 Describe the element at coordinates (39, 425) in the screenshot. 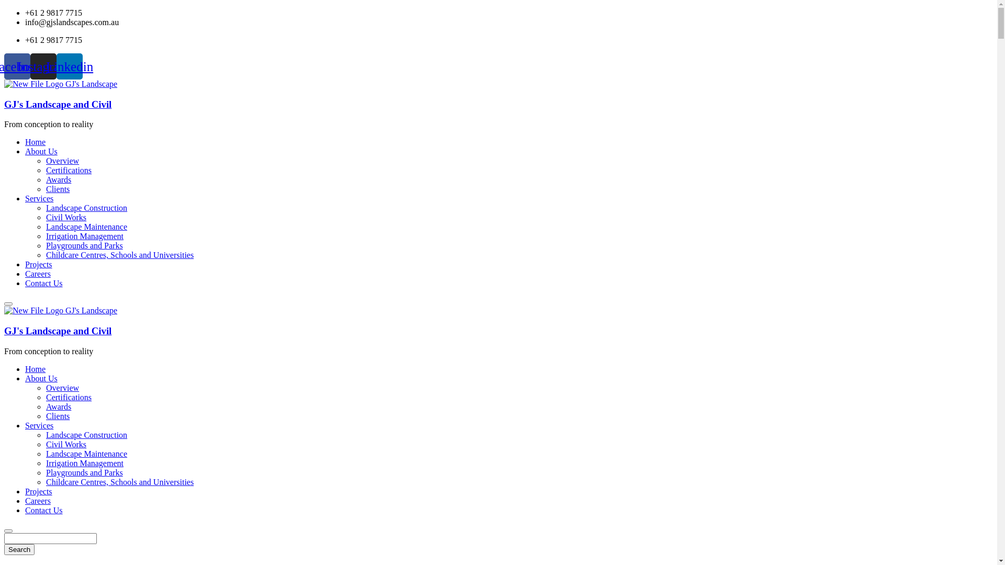

I see `'Services'` at that location.